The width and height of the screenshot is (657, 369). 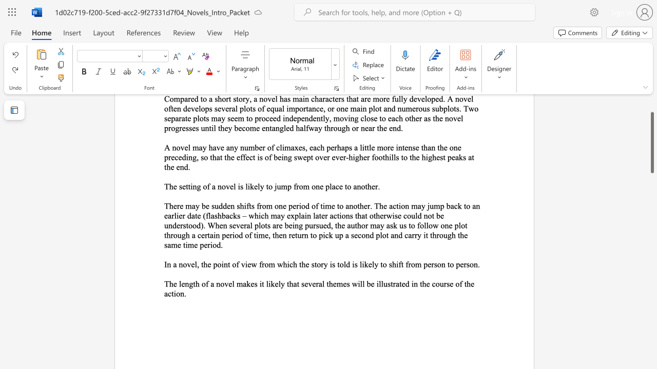 I want to click on the subset text "ses until they becom" within the text "Compared to a short story, a novel has main characters that are more fully developed. A novel often develops several plots of equal importance, or one main plot and numerous subplots. Two separate plots may seem to proceed independently, moving close to each other as the novel progresses until they become entangled halfway through or near the end.", so click(x=189, y=127).